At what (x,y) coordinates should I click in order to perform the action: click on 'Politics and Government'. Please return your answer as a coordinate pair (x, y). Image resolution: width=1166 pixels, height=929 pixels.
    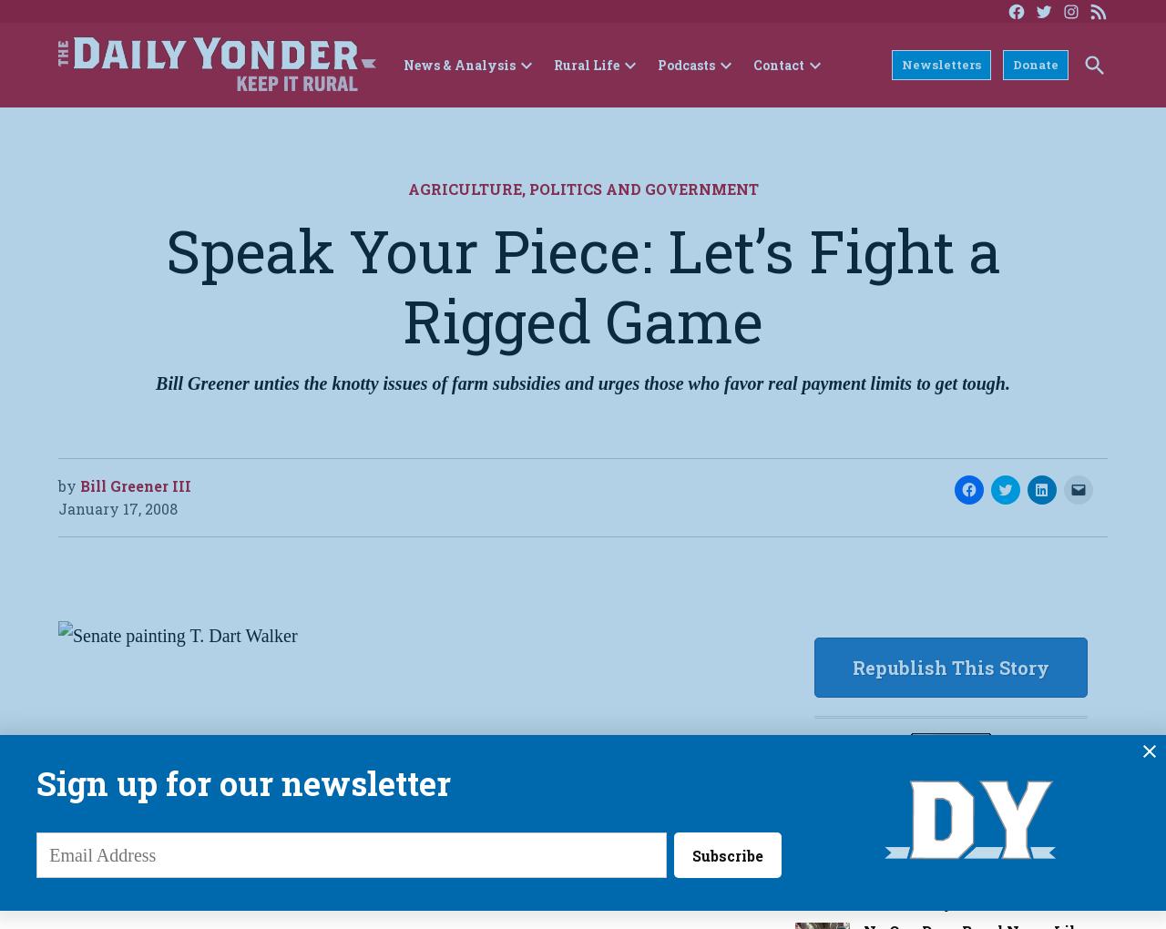
    Looking at the image, I should click on (527, 188).